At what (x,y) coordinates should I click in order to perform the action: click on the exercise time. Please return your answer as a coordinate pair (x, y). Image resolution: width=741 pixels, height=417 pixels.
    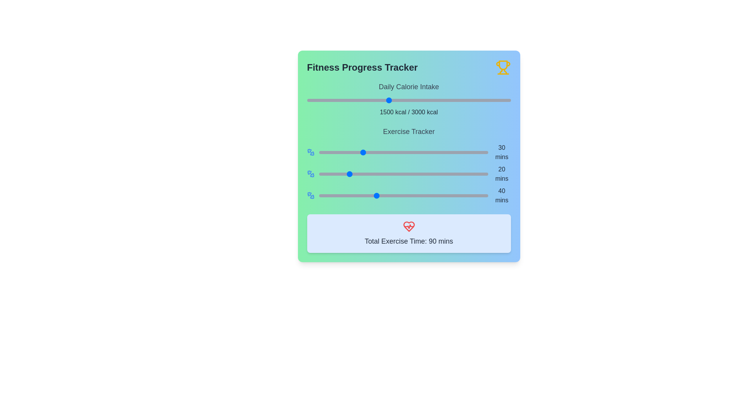
    Looking at the image, I should click on (423, 152).